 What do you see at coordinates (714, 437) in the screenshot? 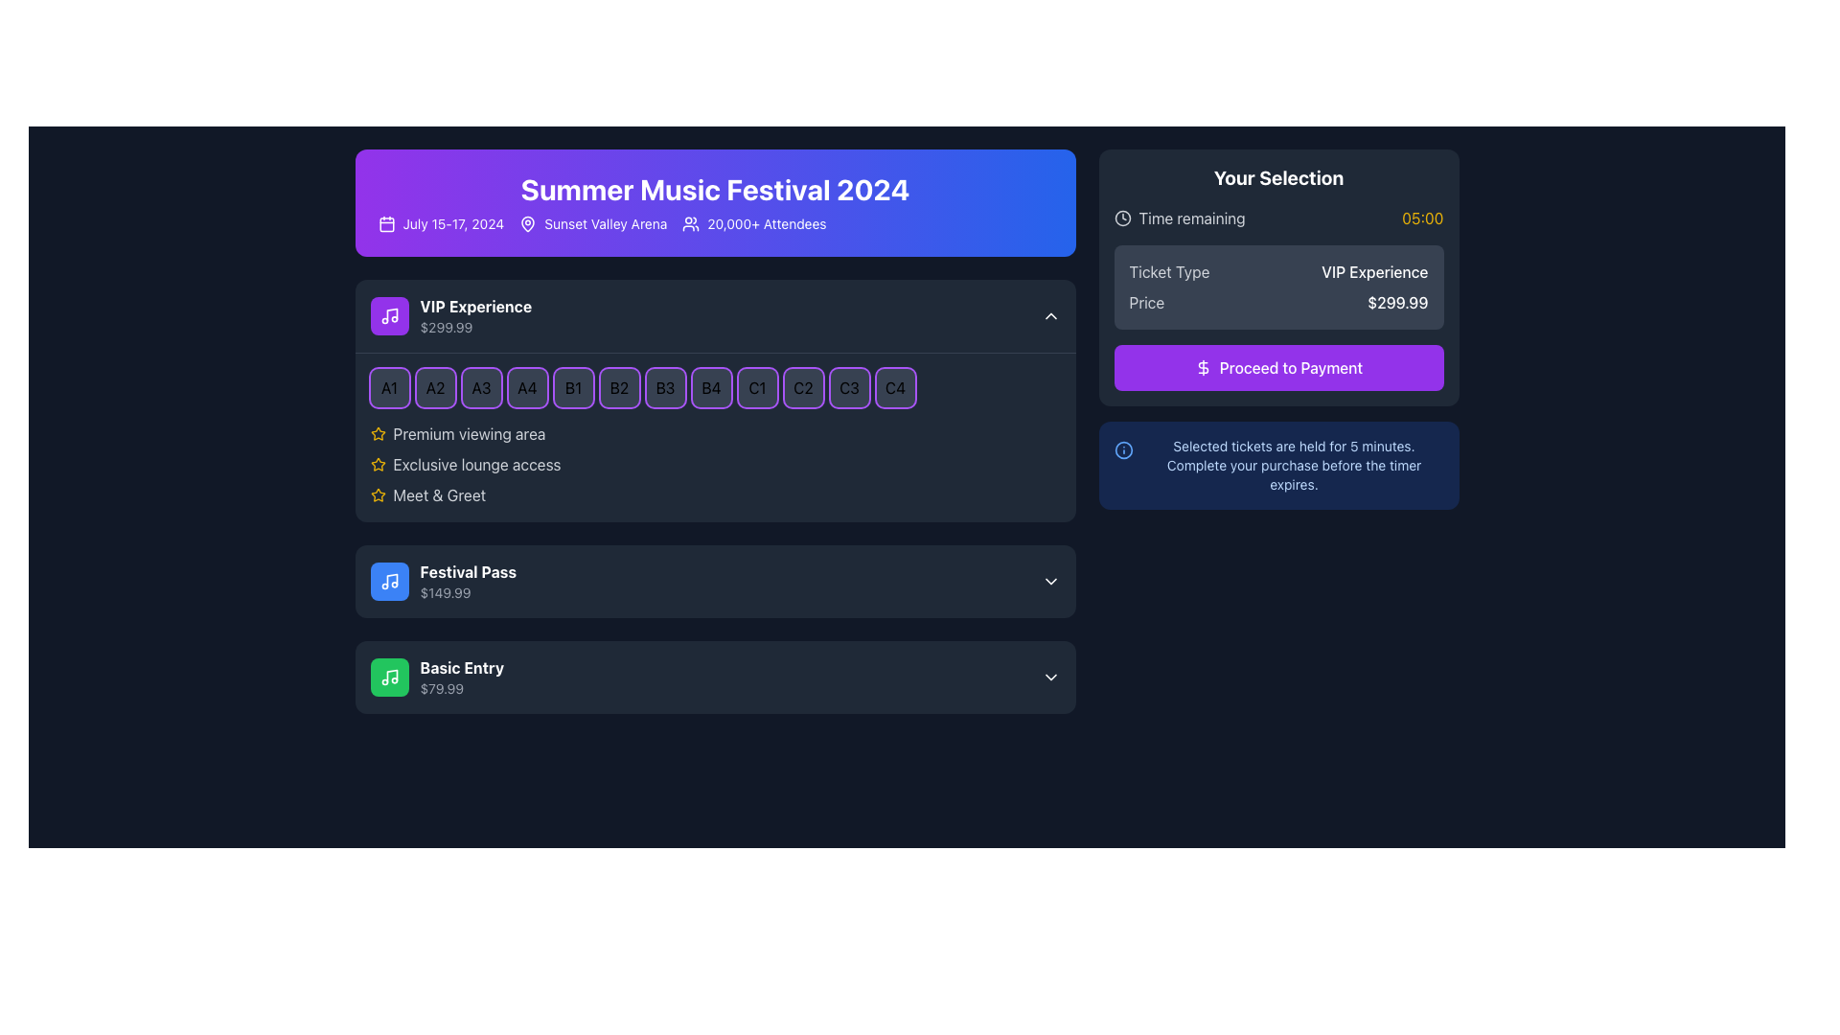
I see `the individual buttons within the 'VIP Experience' collapsible card` at bounding box center [714, 437].